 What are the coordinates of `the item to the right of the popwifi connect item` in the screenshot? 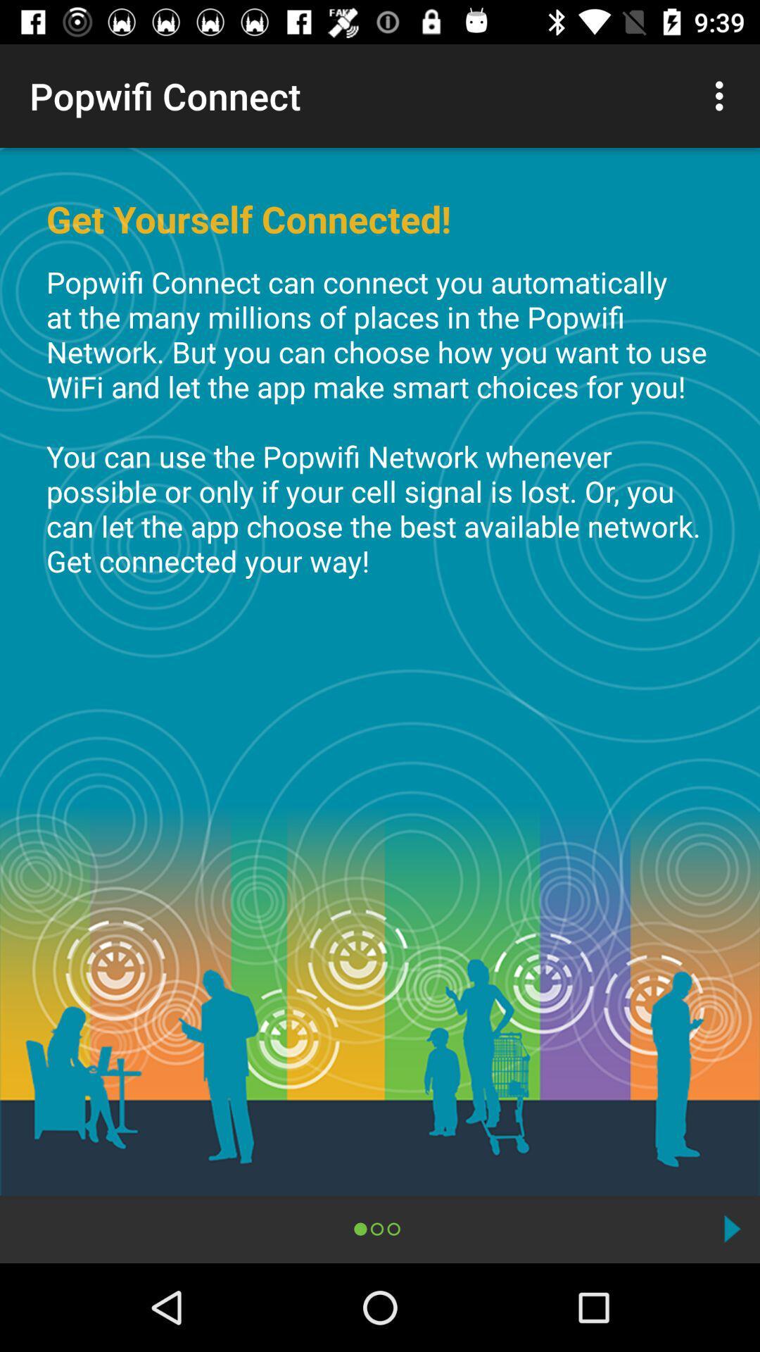 It's located at (723, 95).